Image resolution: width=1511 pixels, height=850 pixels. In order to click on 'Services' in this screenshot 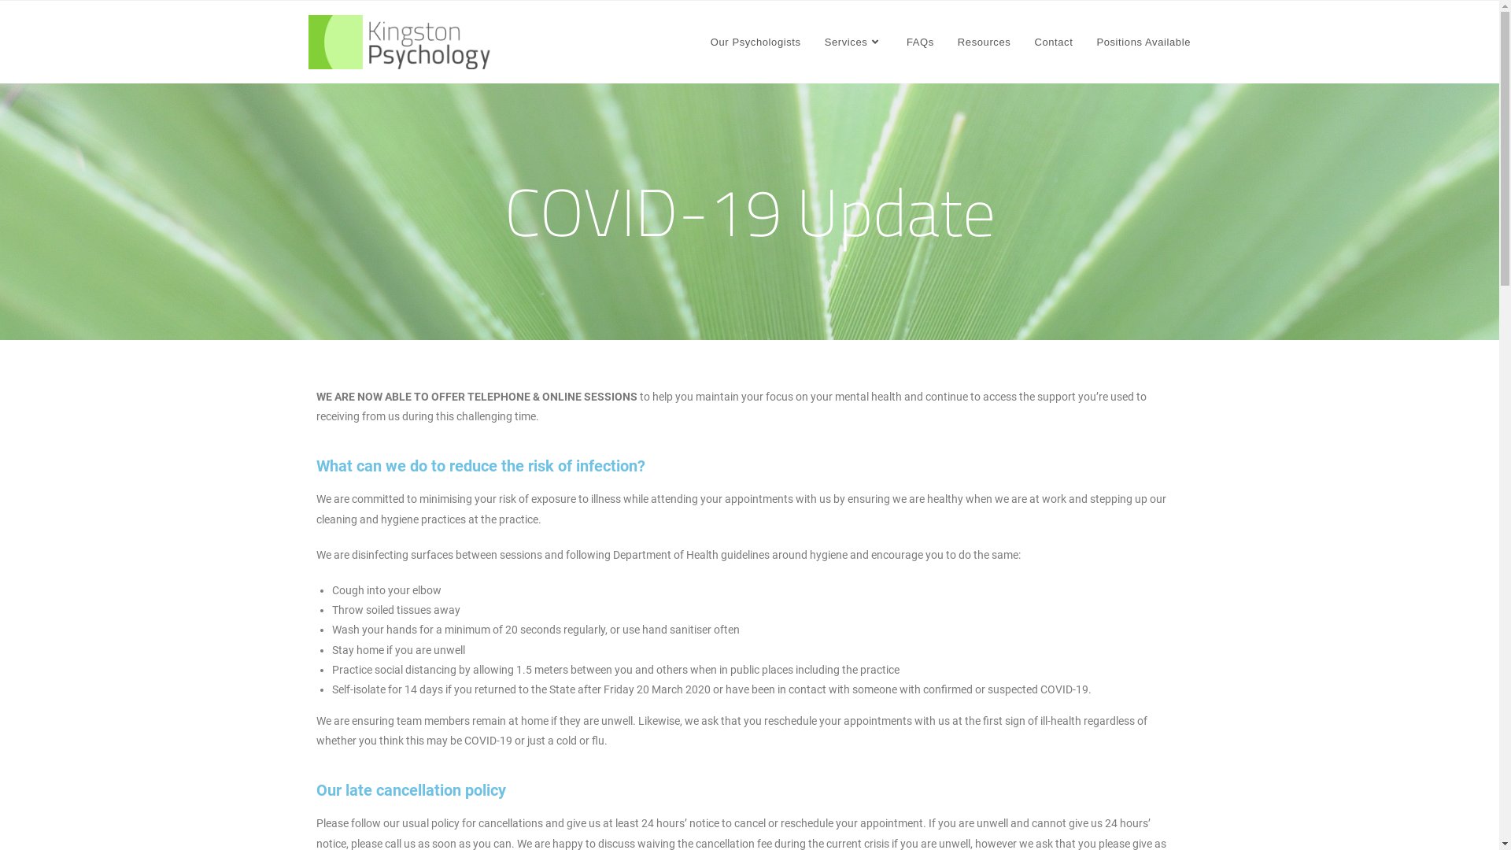, I will do `click(852, 41)`.